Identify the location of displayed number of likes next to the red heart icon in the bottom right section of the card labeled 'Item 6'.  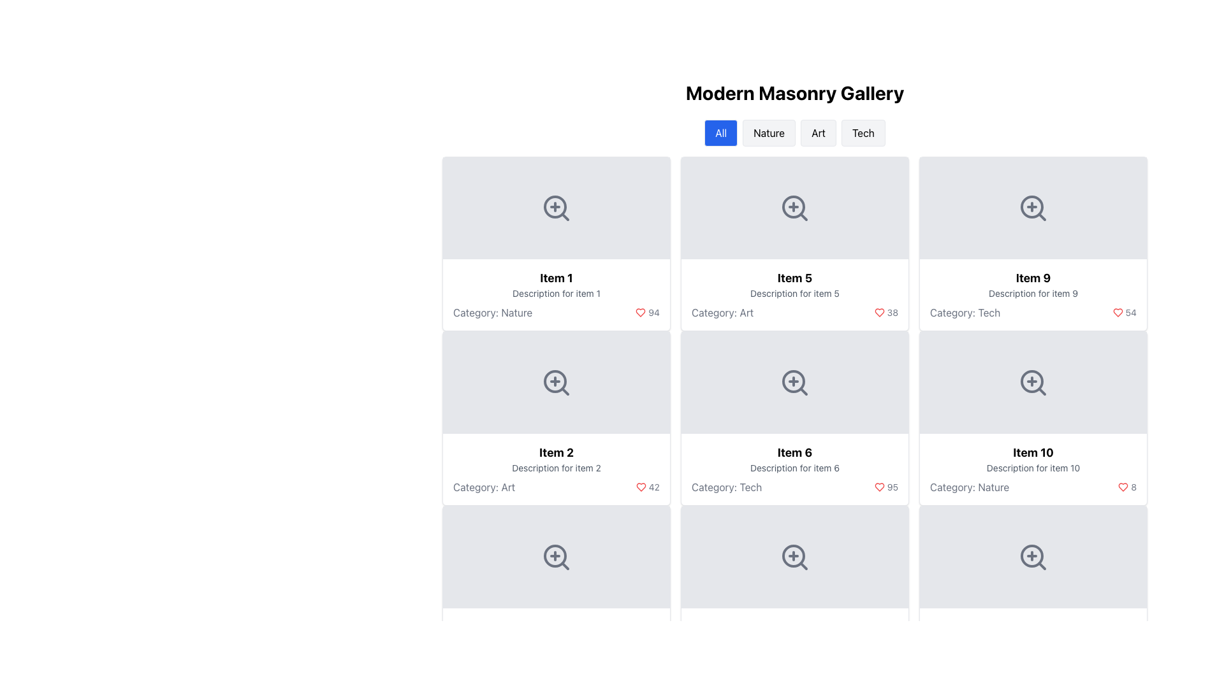
(892, 487).